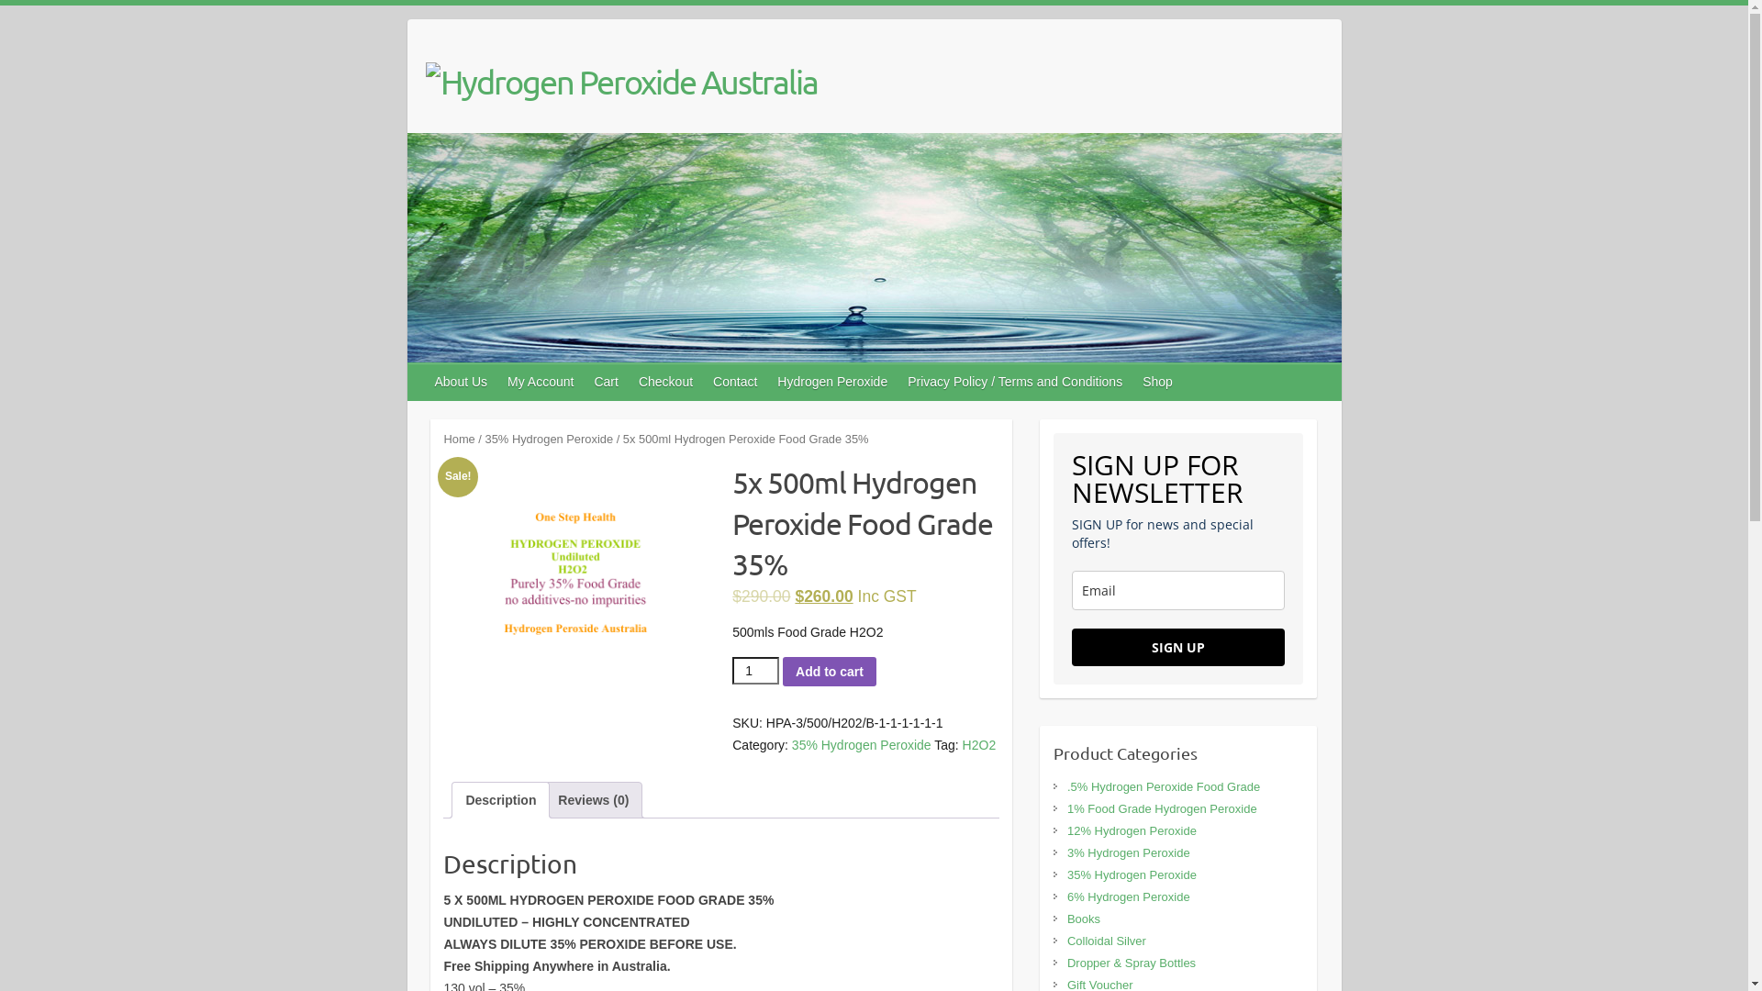 The width and height of the screenshot is (1762, 991). What do you see at coordinates (575, 573) in the screenshot?
I see `'IMG_9411'` at bounding box center [575, 573].